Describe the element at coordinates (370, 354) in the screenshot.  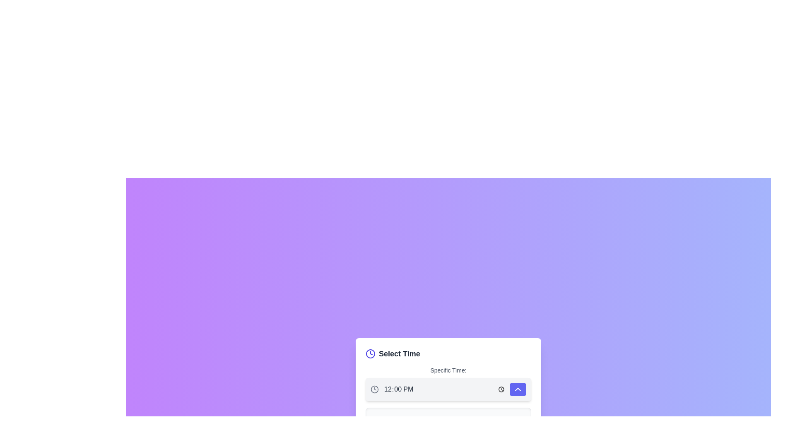
I see `the circular SVG element that represents the outline of the clock icon` at that location.